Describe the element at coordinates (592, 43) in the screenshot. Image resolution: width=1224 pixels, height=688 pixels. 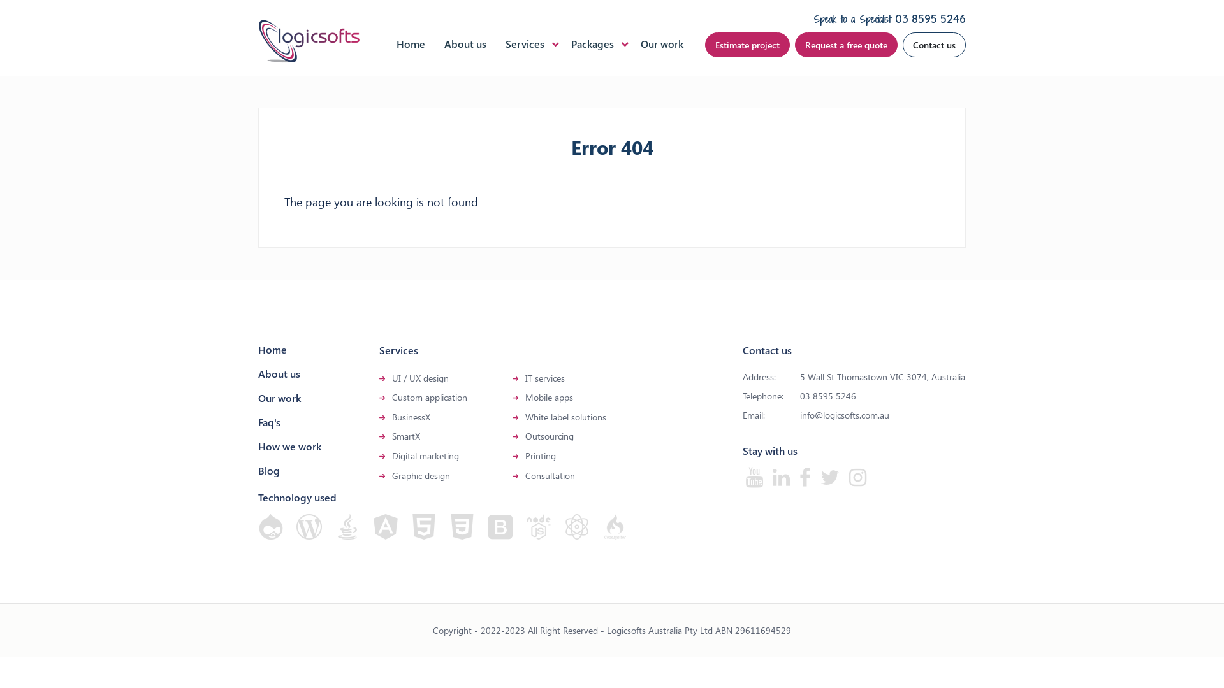
I see `'Packages'` at that location.